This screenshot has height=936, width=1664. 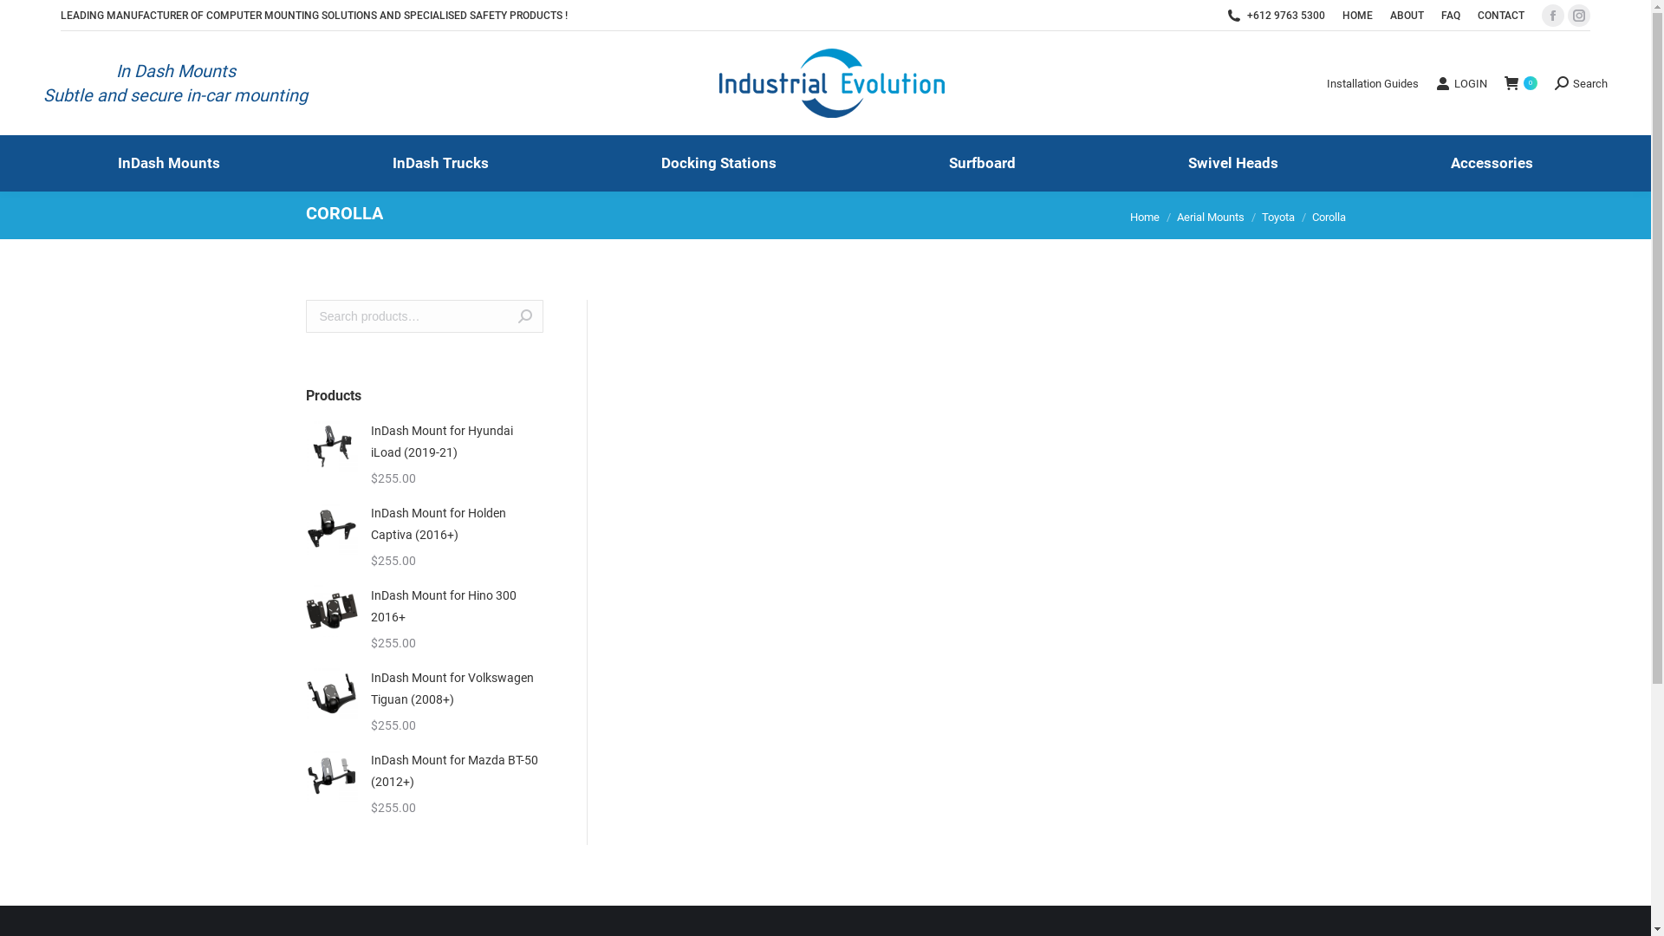 What do you see at coordinates (457, 440) in the screenshot?
I see `'InDash Mount for Hyundai iLoad (2019-21)'` at bounding box center [457, 440].